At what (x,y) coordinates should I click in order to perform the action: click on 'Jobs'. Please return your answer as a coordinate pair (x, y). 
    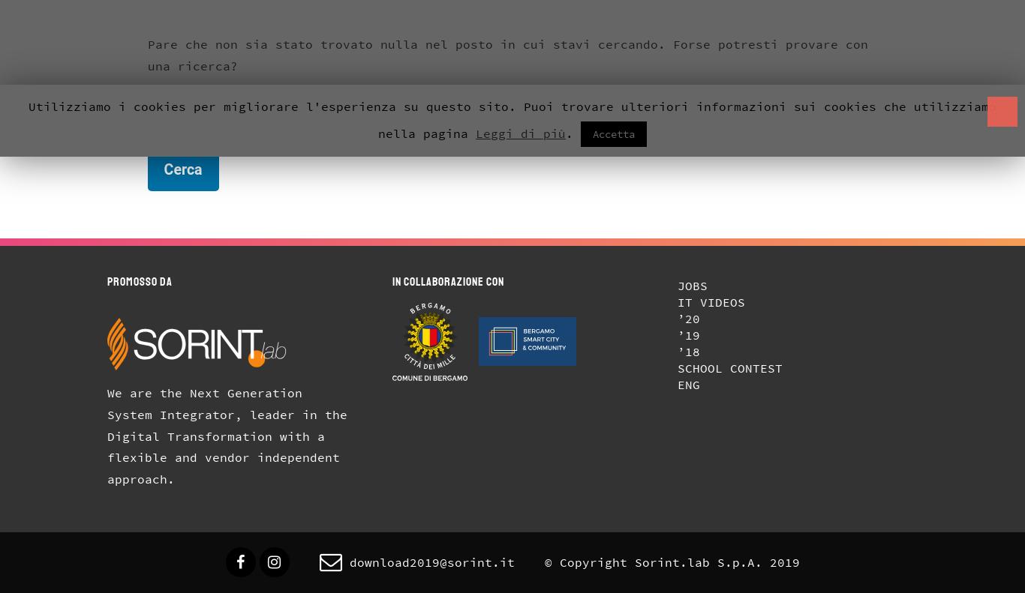
    Looking at the image, I should click on (692, 285).